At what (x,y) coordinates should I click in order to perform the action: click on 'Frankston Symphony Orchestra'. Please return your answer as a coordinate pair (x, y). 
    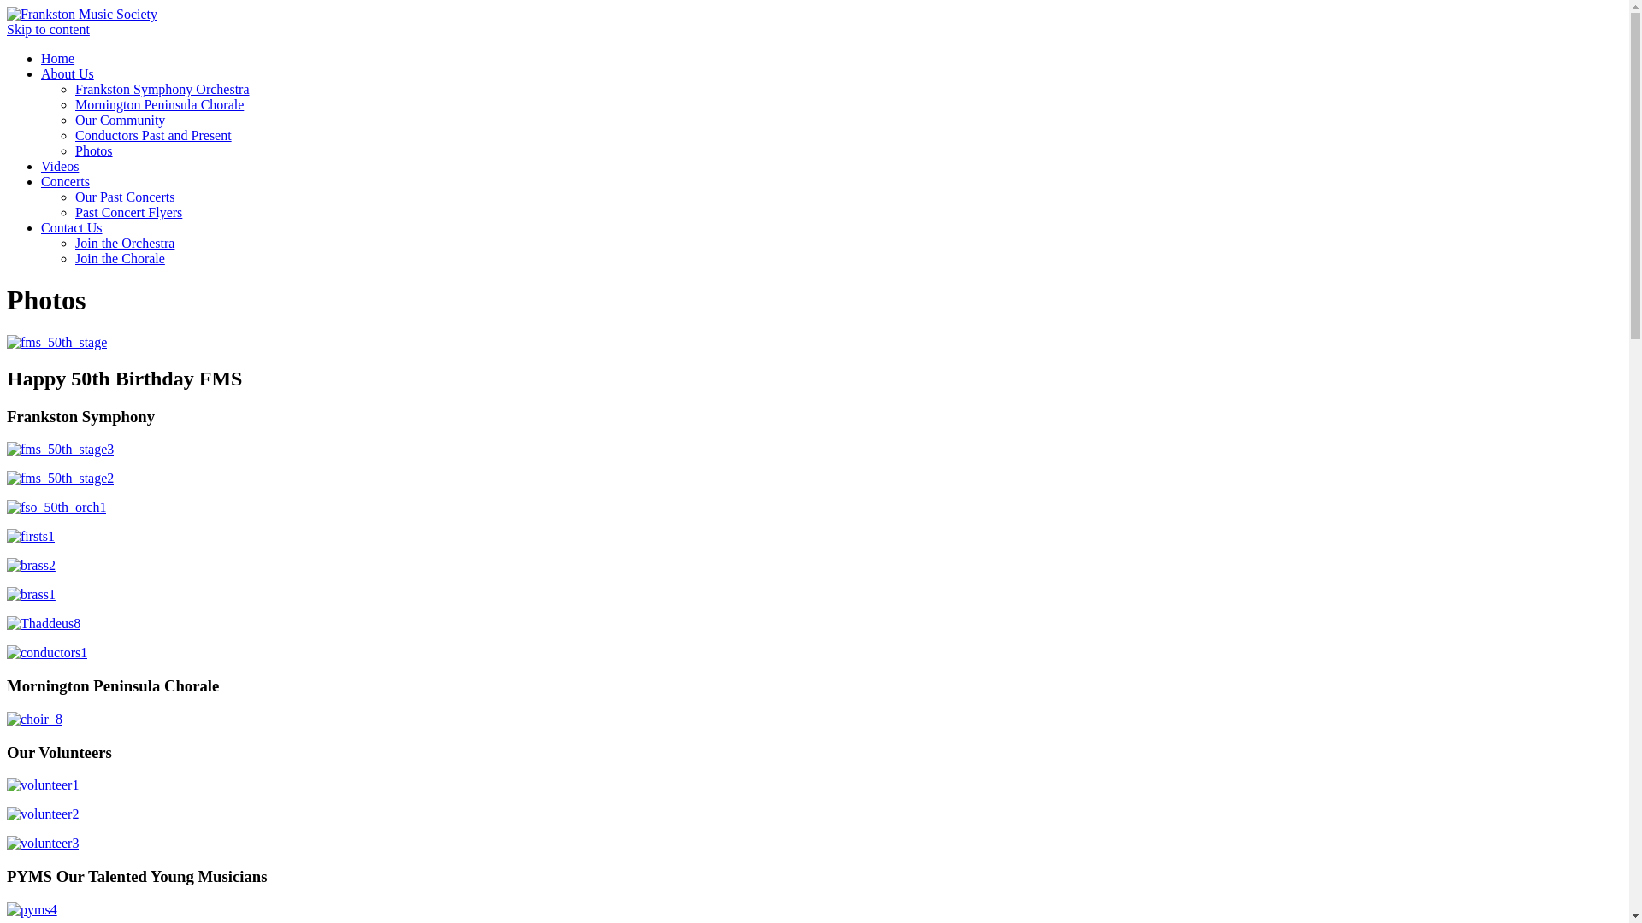
    Looking at the image, I should click on (162, 89).